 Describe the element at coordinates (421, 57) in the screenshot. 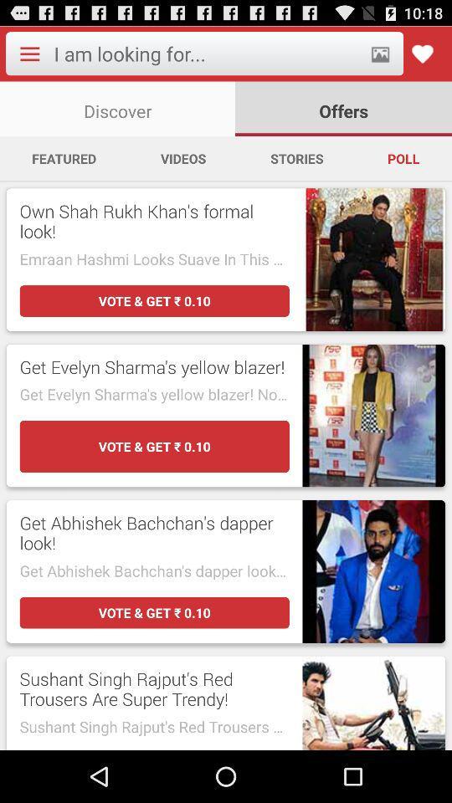

I see `the favorite icon` at that location.